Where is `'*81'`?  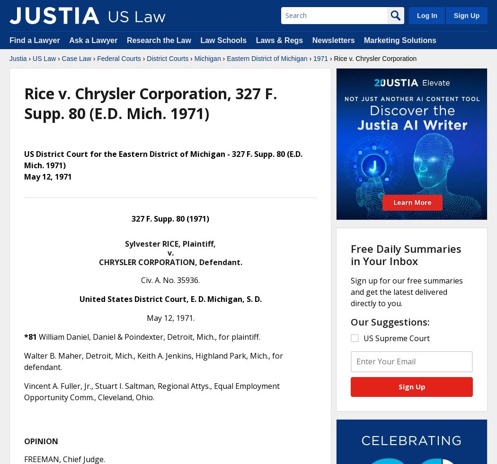 '*81' is located at coordinates (30, 336).